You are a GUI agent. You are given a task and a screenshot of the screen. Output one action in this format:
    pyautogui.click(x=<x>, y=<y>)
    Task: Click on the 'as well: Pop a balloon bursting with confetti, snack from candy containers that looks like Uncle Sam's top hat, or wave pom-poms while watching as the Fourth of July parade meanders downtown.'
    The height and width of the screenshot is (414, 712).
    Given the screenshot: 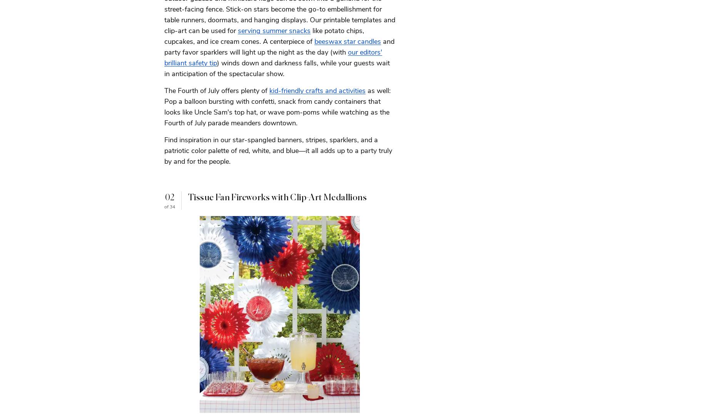 What is the action you would take?
    pyautogui.click(x=277, y=106)
    